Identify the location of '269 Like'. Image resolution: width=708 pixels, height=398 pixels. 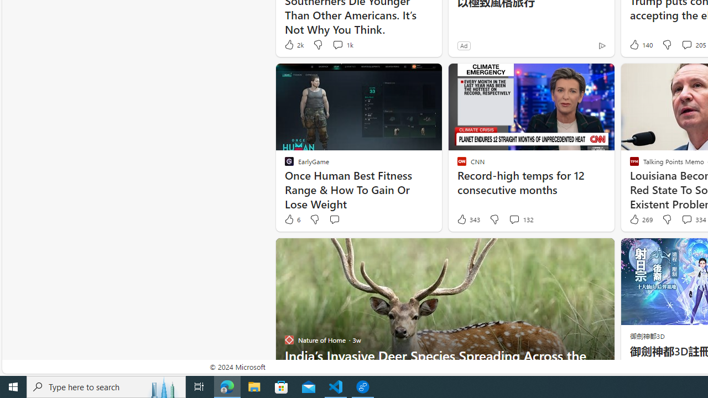
(640, 219).